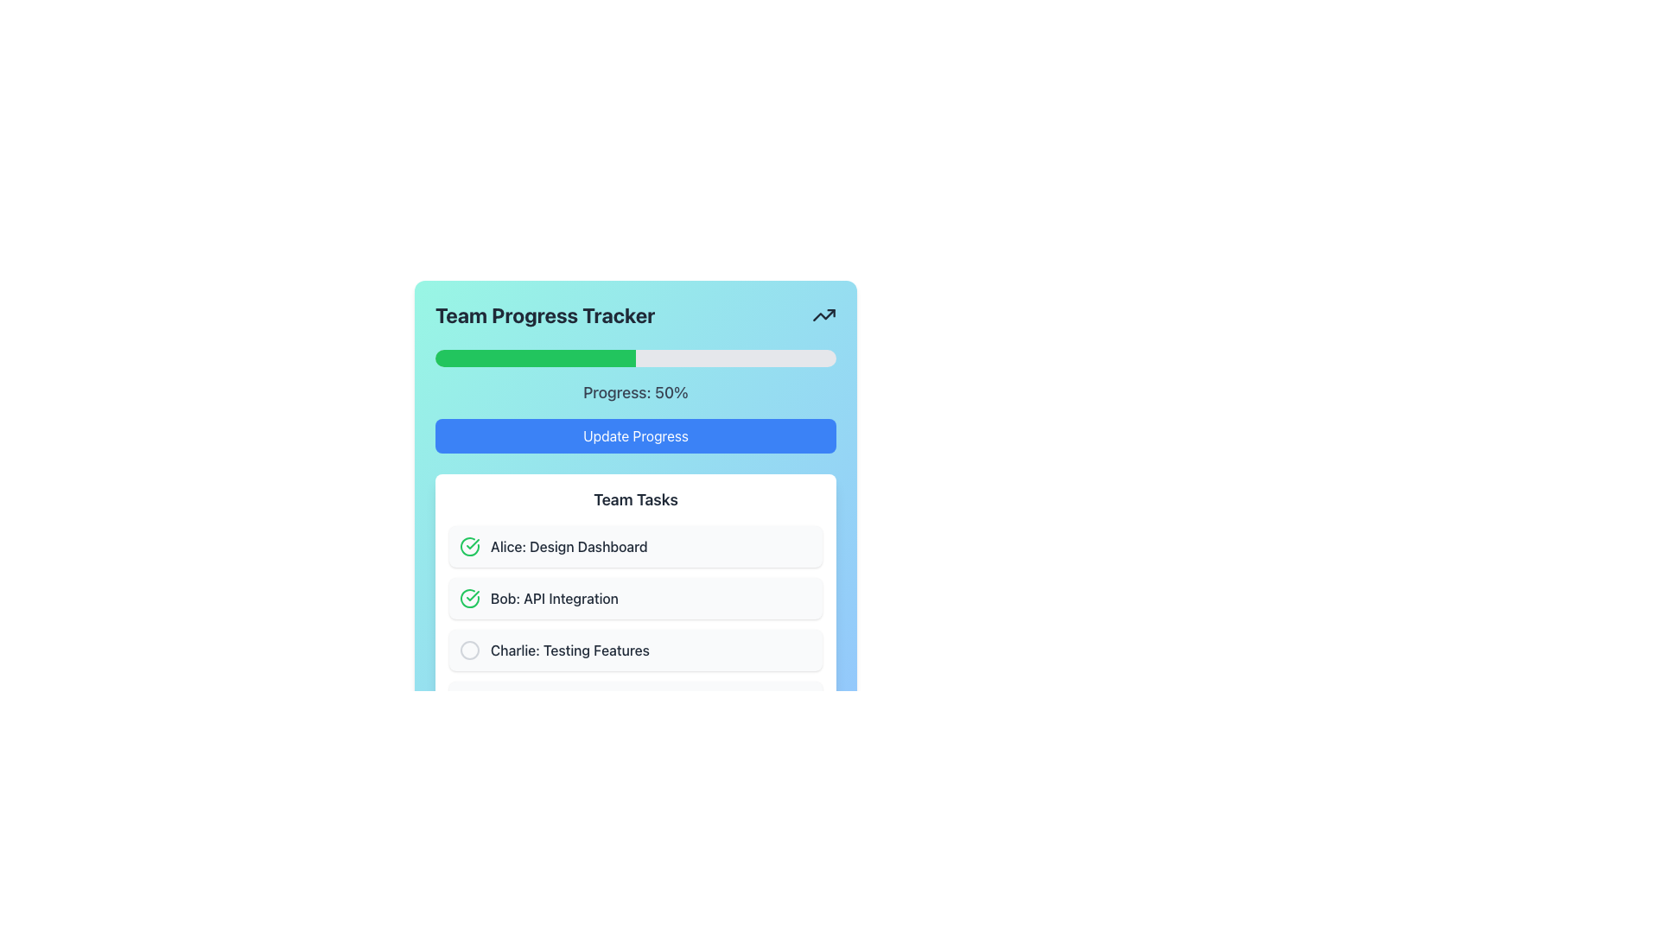  What do you see at coordinates (469, 598) in the screenshot?
I see `the circular checkmark icon with a green stroke representing the task status in the 'Bob: API Integration' task item, which is the second task in the 'Team Tasks' list` at bounding box center [469, 598].